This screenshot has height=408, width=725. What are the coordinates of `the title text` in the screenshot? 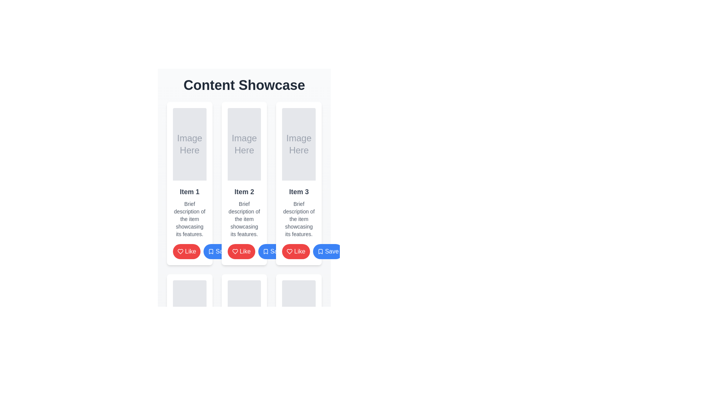 It's located at (298, 192).